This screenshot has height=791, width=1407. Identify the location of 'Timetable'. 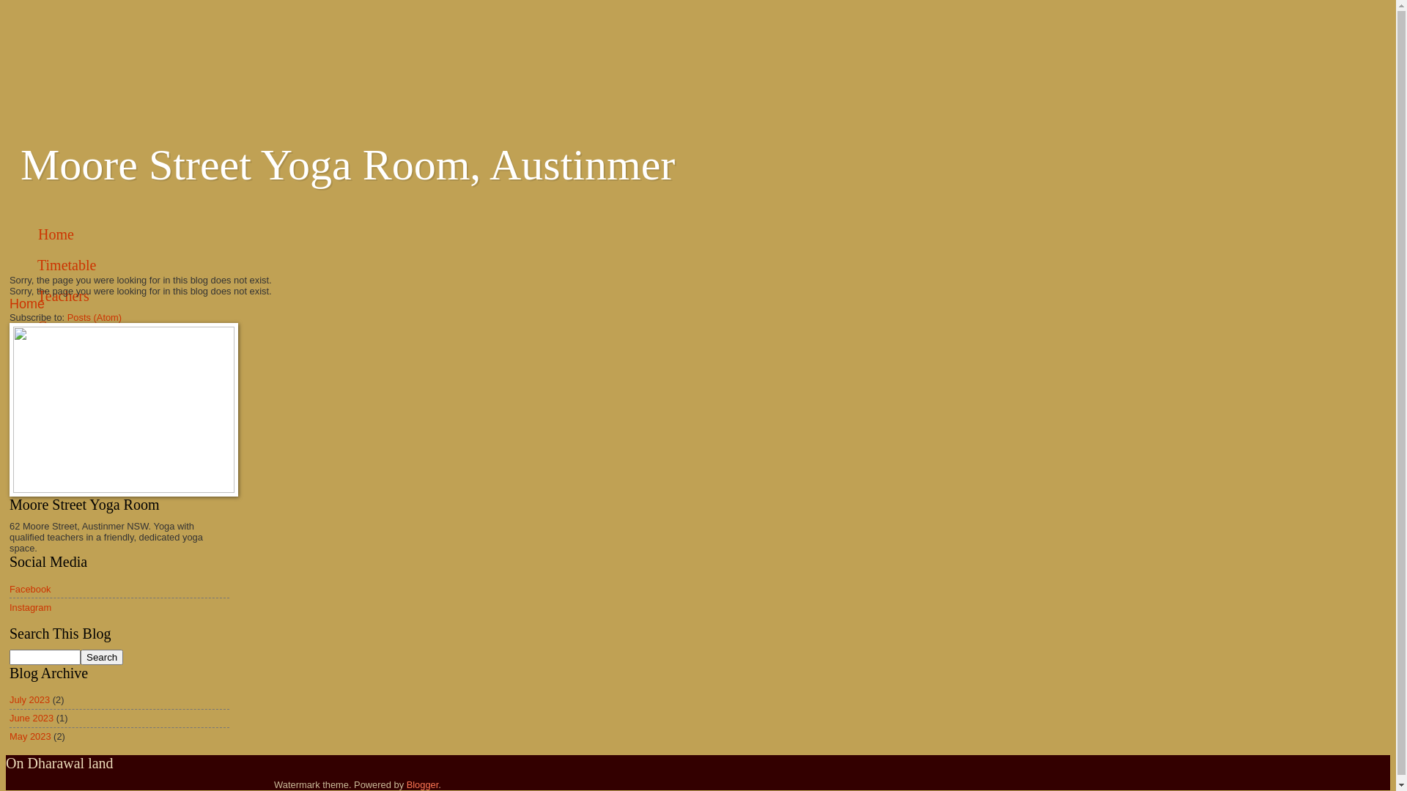
(66, 265).